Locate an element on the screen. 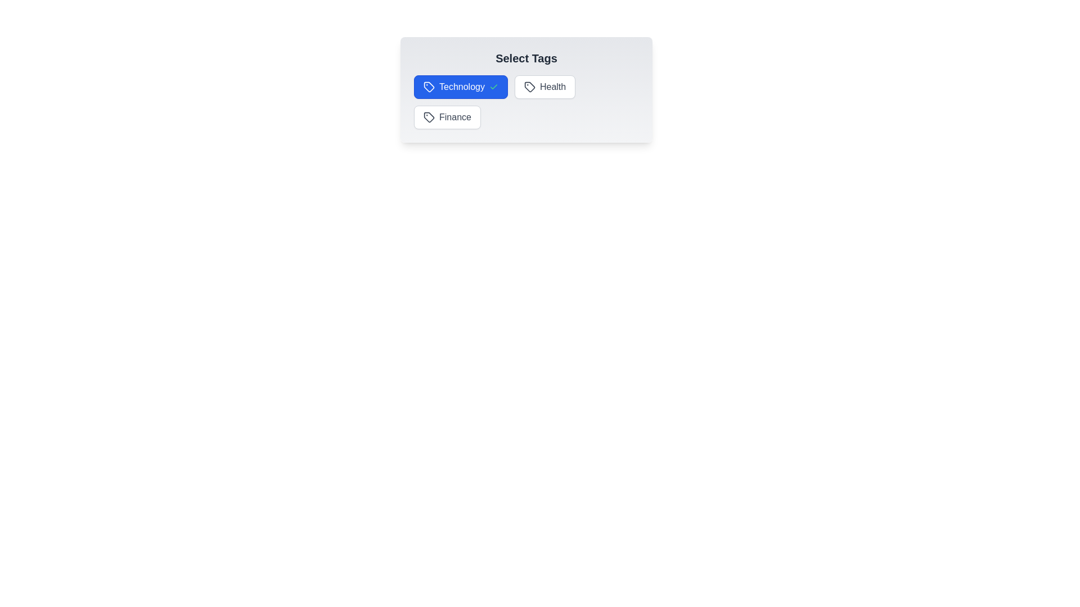 The height and width of the screenshot is (607, 1080). the Technology tag is located at coordinates (461, 86).